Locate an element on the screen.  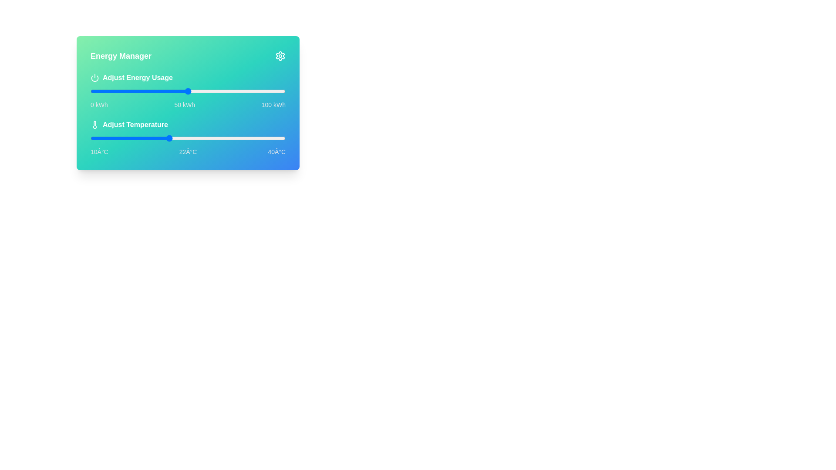
the temperature to 16°C using the slider is located at coordinates (129, 138).